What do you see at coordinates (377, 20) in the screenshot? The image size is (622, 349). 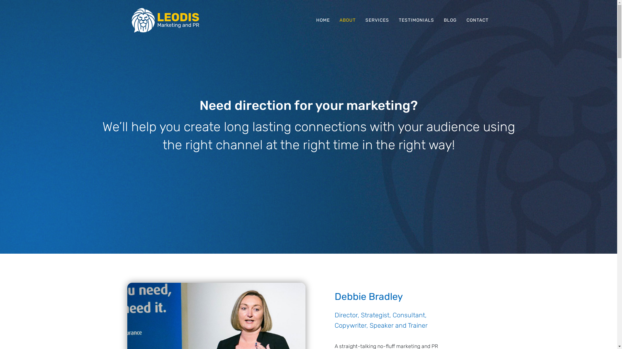 I see `'SERVICES'` at bounding box center [377, 20].